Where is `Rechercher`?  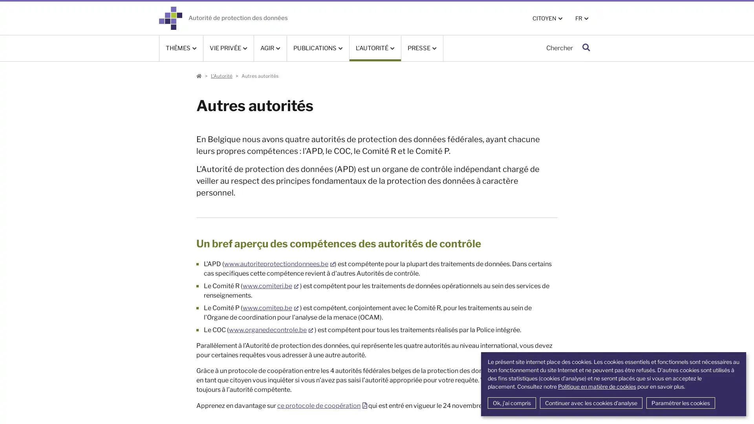
Rechercher is located at coordinates (586, 48).